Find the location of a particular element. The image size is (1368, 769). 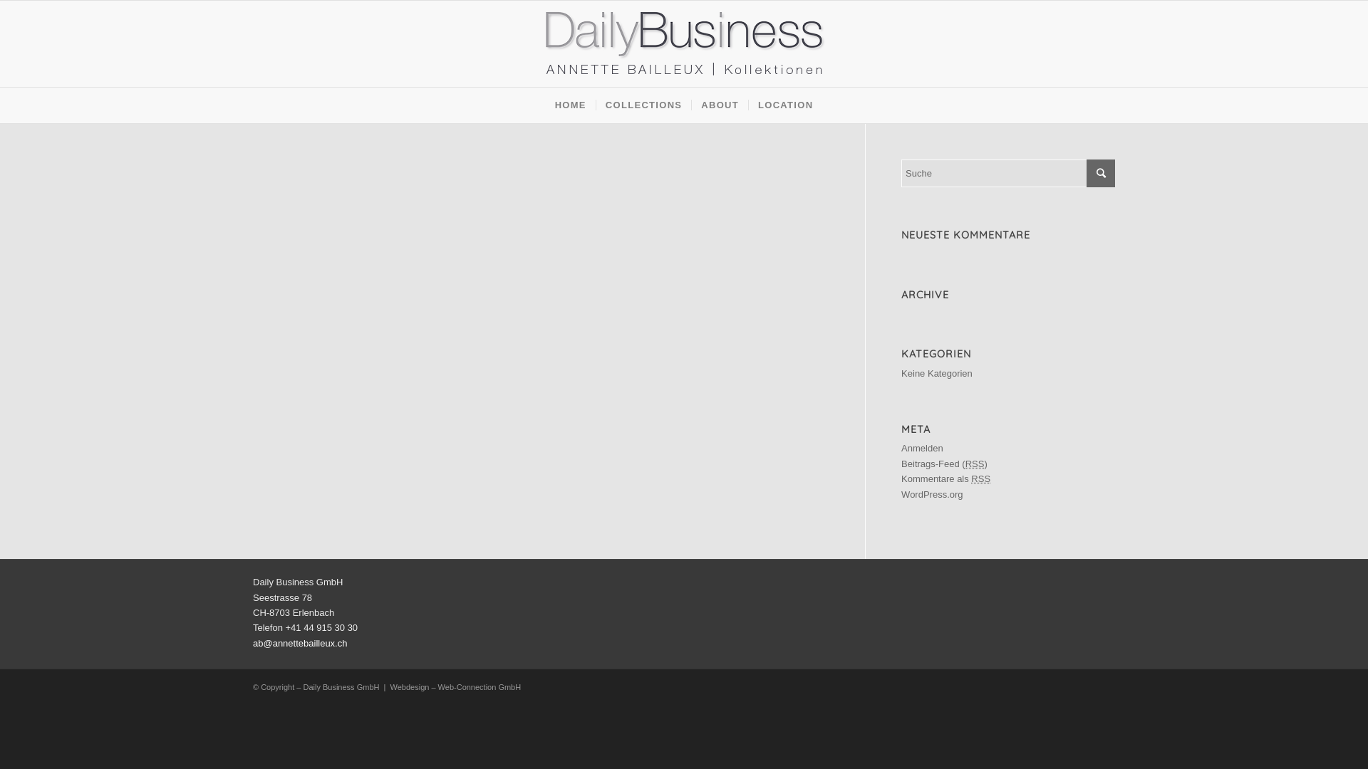

'HOME' is located at coordinates (571, 104).